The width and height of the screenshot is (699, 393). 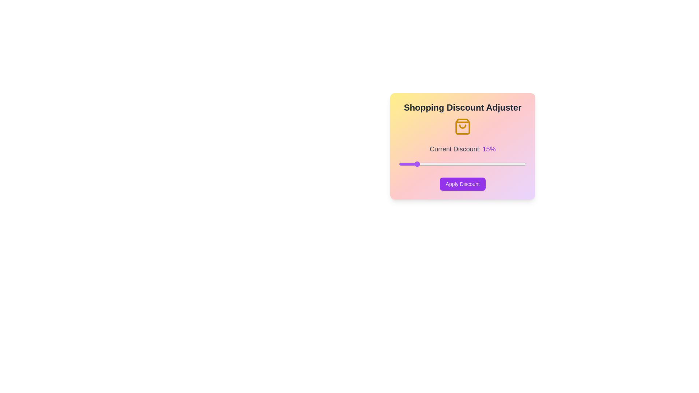 I want to click on the discount slider to set the discount percentage to 45, so click(x=510, y=164).